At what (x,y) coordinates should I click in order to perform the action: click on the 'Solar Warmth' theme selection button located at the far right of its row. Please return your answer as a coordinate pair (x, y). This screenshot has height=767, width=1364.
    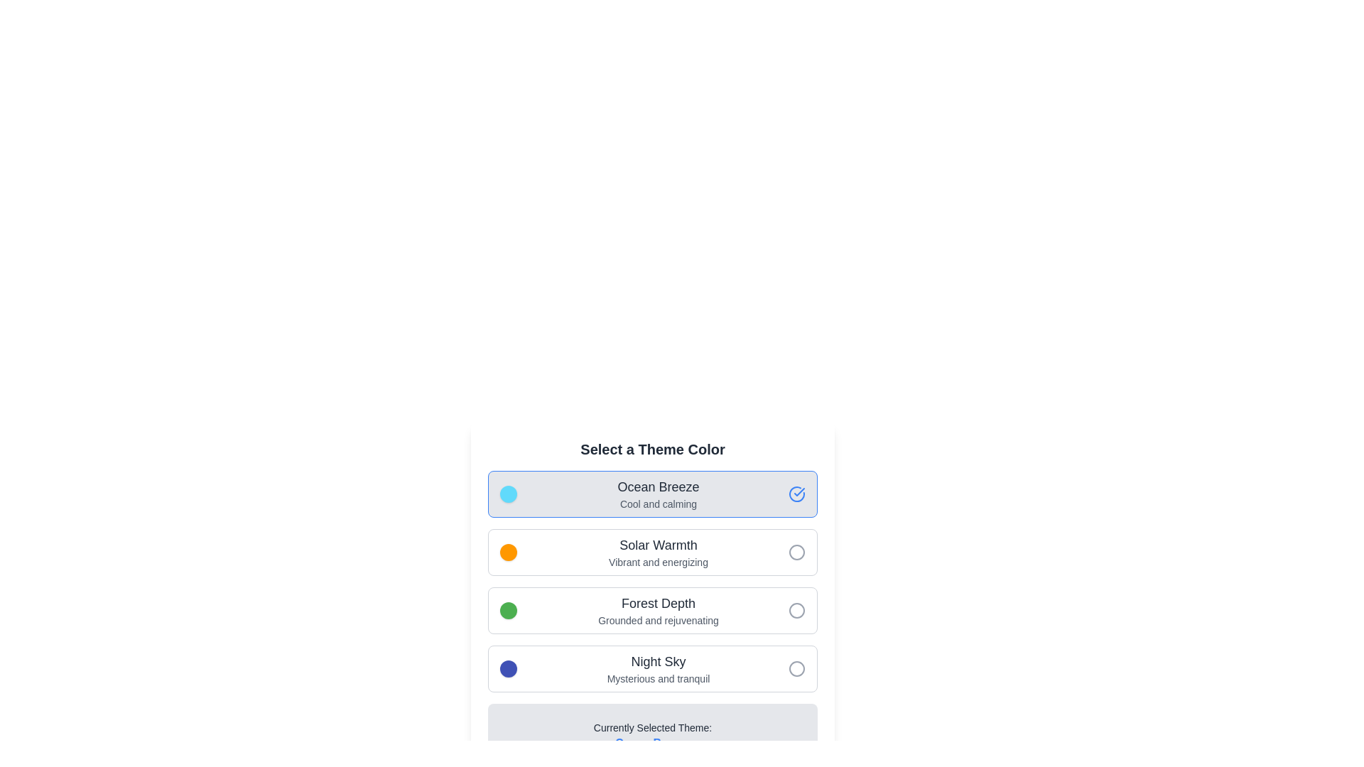
    Looking at the image, I should click on (797, 552).